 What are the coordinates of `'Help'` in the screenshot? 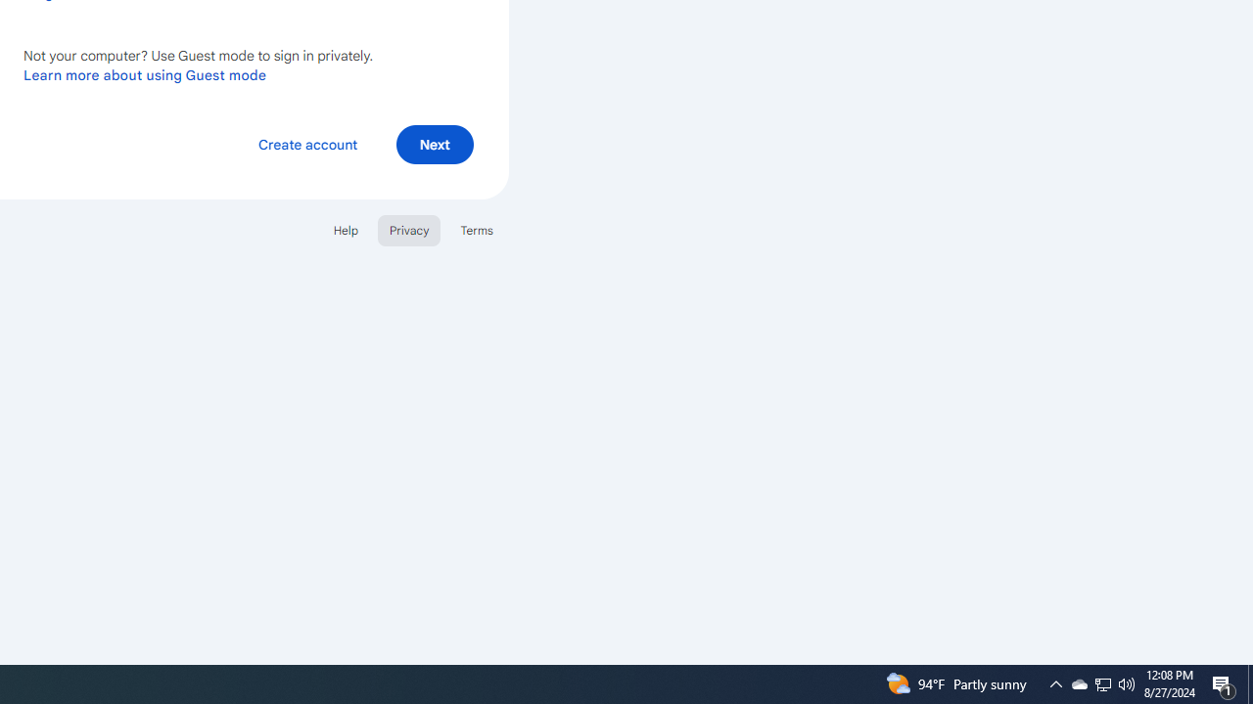 It's located at (345, 229).